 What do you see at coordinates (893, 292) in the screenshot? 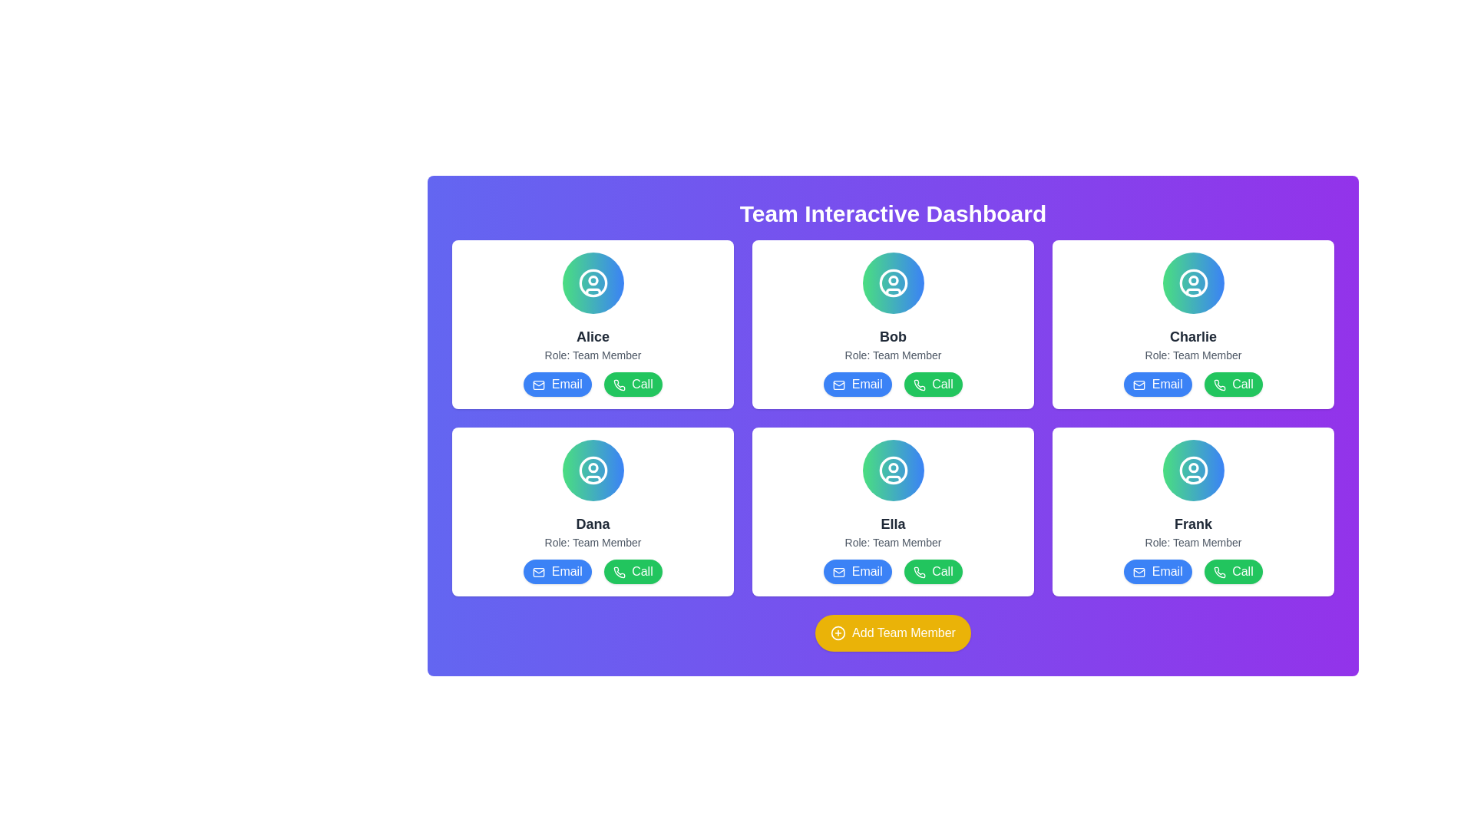
I see `the graphical decoration arc/line that represents the boundary of Bob's user profile icon, located at the bottom-most position within the user profile card` at bounding box center [893, 292].